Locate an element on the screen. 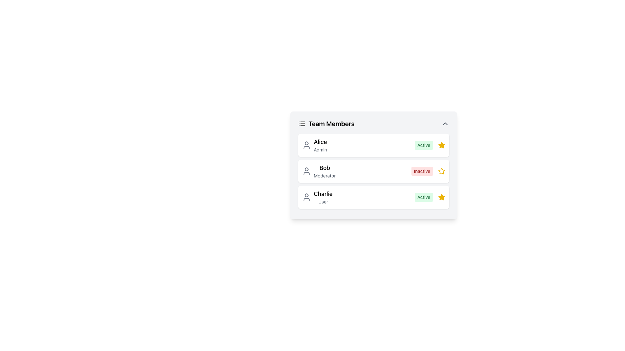  on the team member's profile item located in the second position under 'Team Members' is located at coordinates (373, 171).